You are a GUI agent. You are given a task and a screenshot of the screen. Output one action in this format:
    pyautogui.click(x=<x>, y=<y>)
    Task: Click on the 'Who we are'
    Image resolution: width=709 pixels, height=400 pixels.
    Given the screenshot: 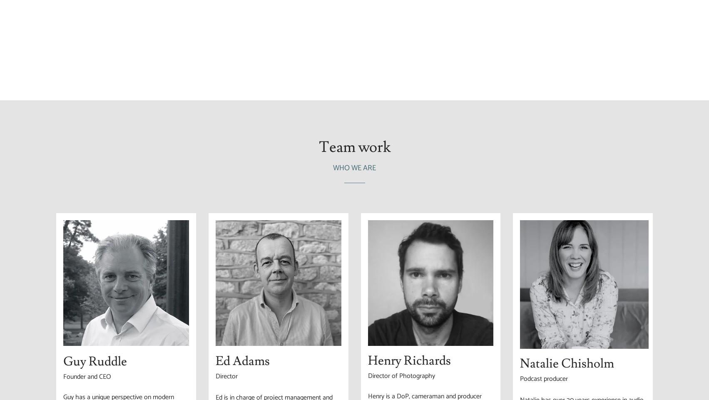 What is the action you would take?
    pyautogui.click(x=354, y=168)
    